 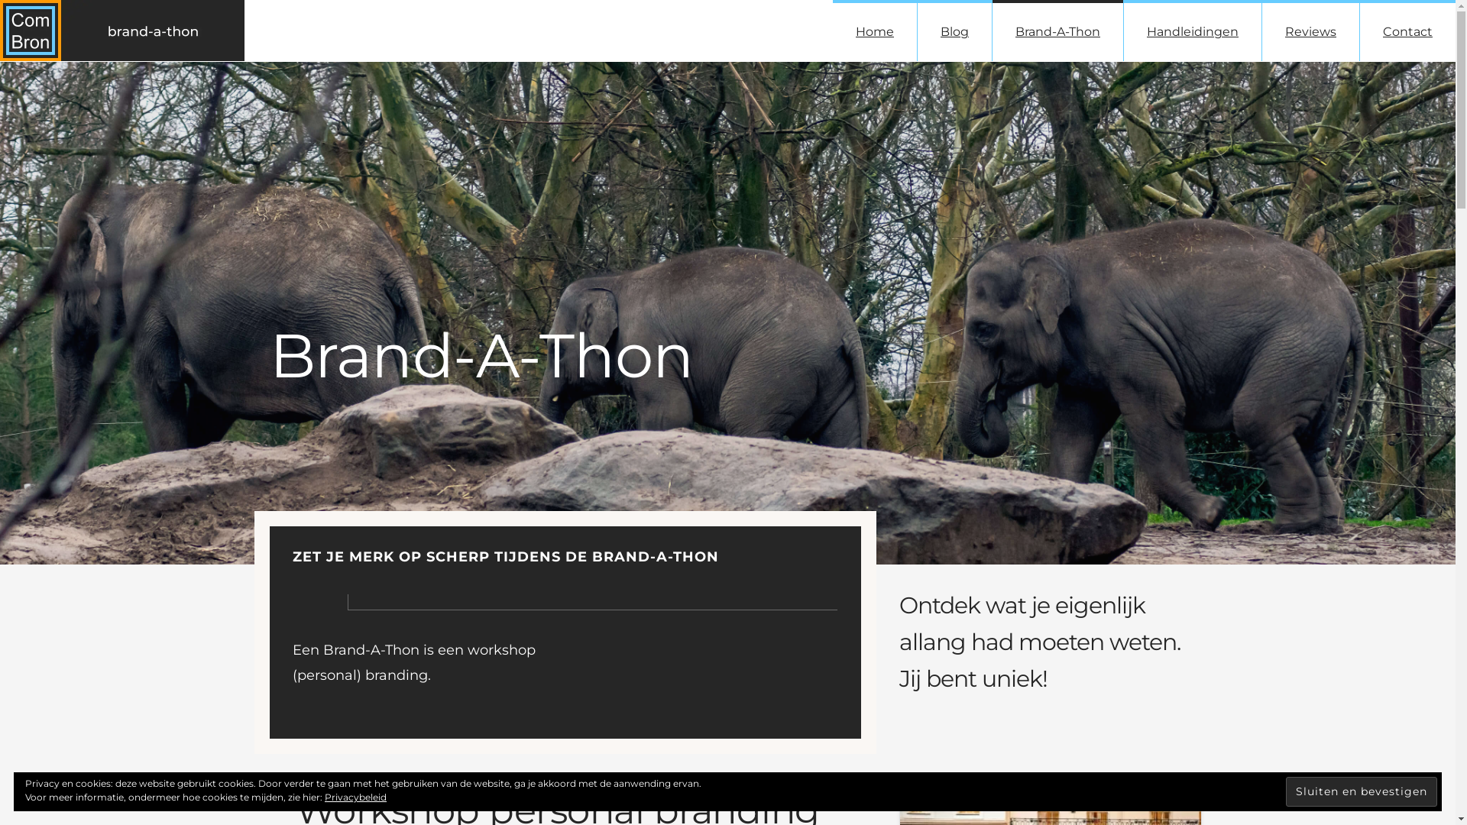 I want to click on 'Privacybeleid', so click(x=355, y=796).